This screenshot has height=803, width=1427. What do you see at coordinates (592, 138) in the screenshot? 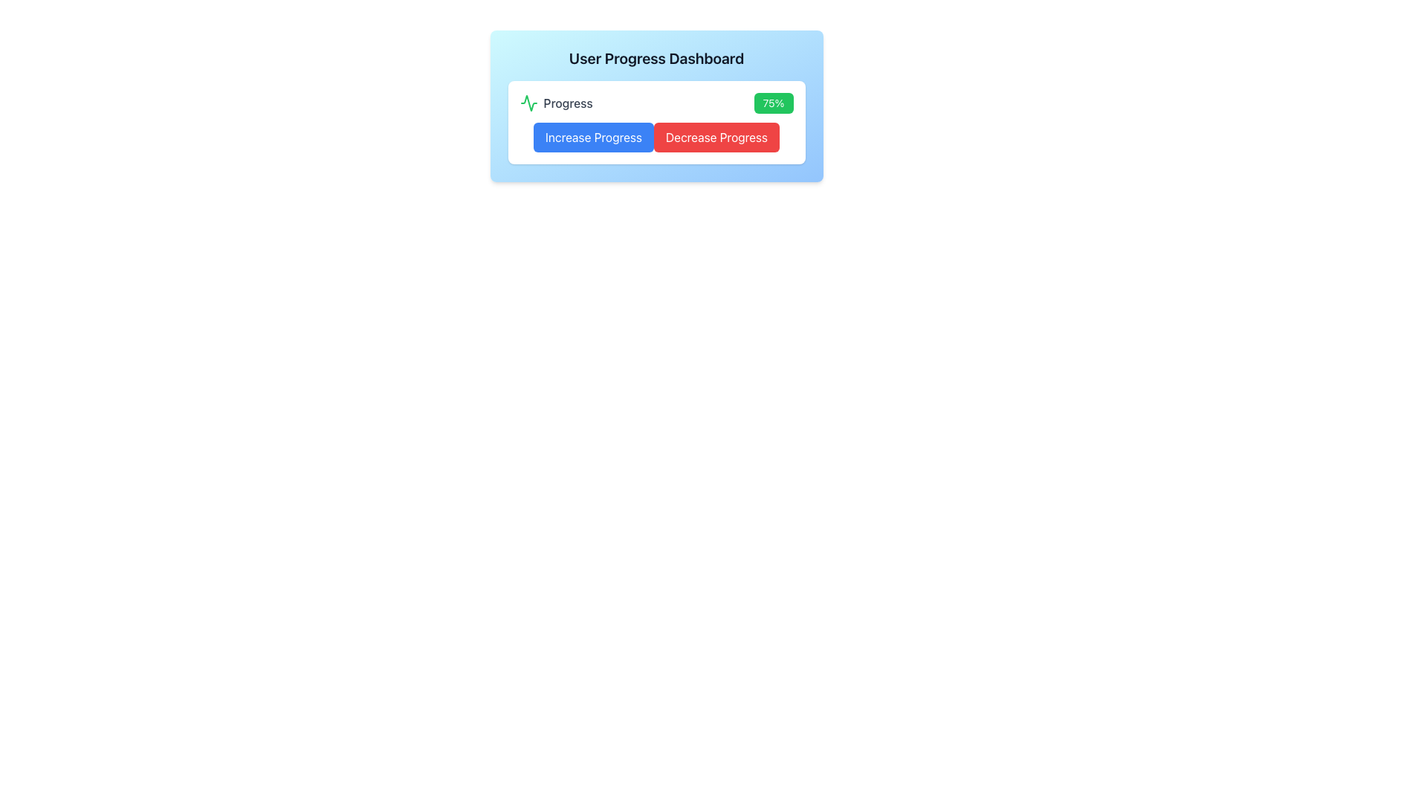
I see `the 'Increase Progress' button located` at bounding box center [592, 138].